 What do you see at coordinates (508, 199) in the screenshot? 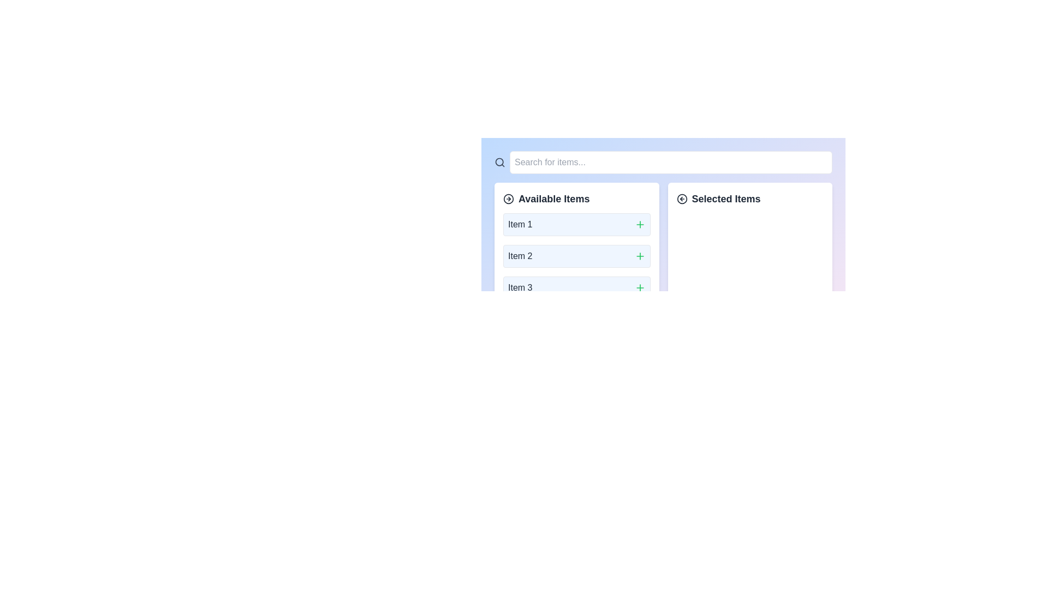
I see `the circle SVG graphical element that is centrally positioned within the icon next to the 'Available Items' label` at bounding box center [508, 199].